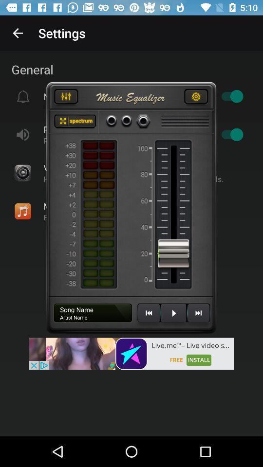 The width and height of the screenshot is (263, 467). I want to click on the settings icon, so click(196, 98).